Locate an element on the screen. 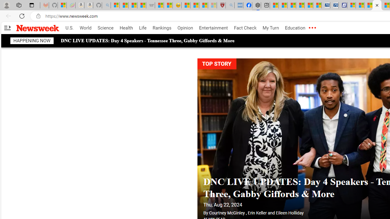 Image resolution: width=390 pixels, height=219 pixels. 'Cheap Car Rentals - Save70.com' is located at coordinates (325, 5).